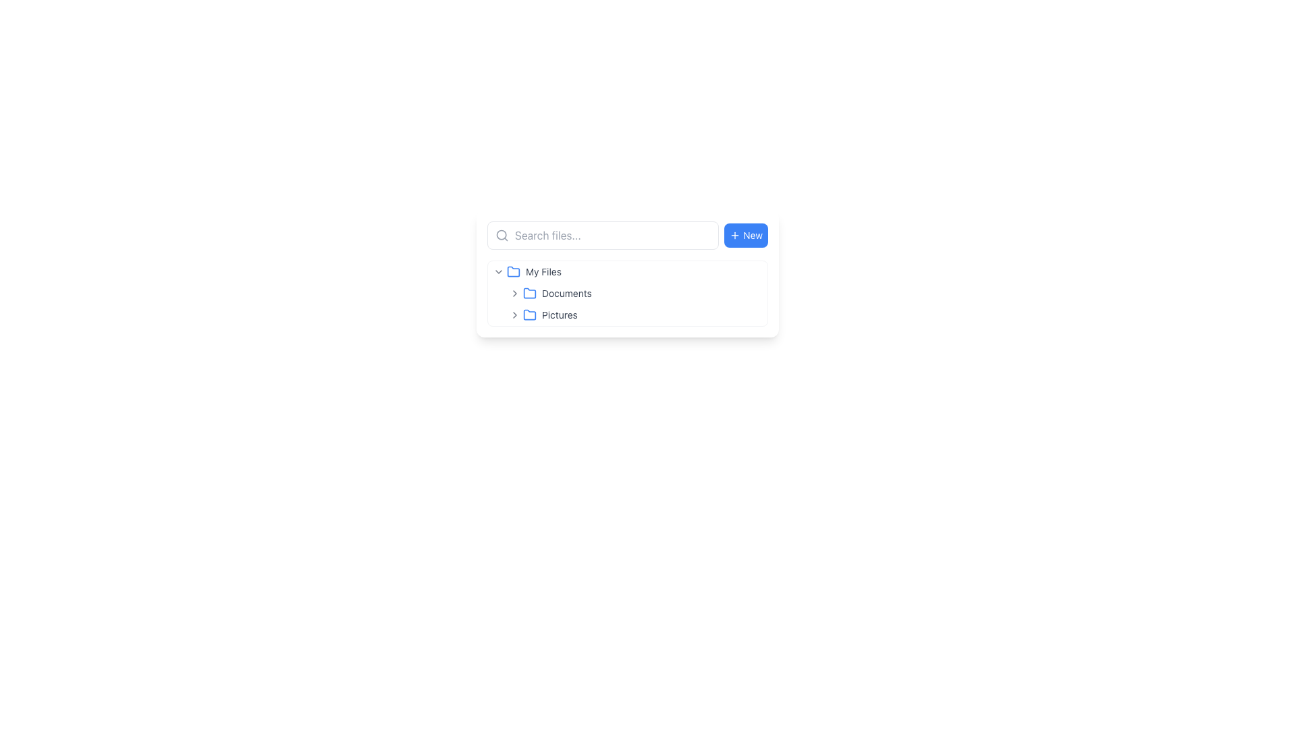 The width and height of the screenshot is (1296, 729). I want to click on the 'Pictures' folder listed under 'My Files', so click(634, 315).